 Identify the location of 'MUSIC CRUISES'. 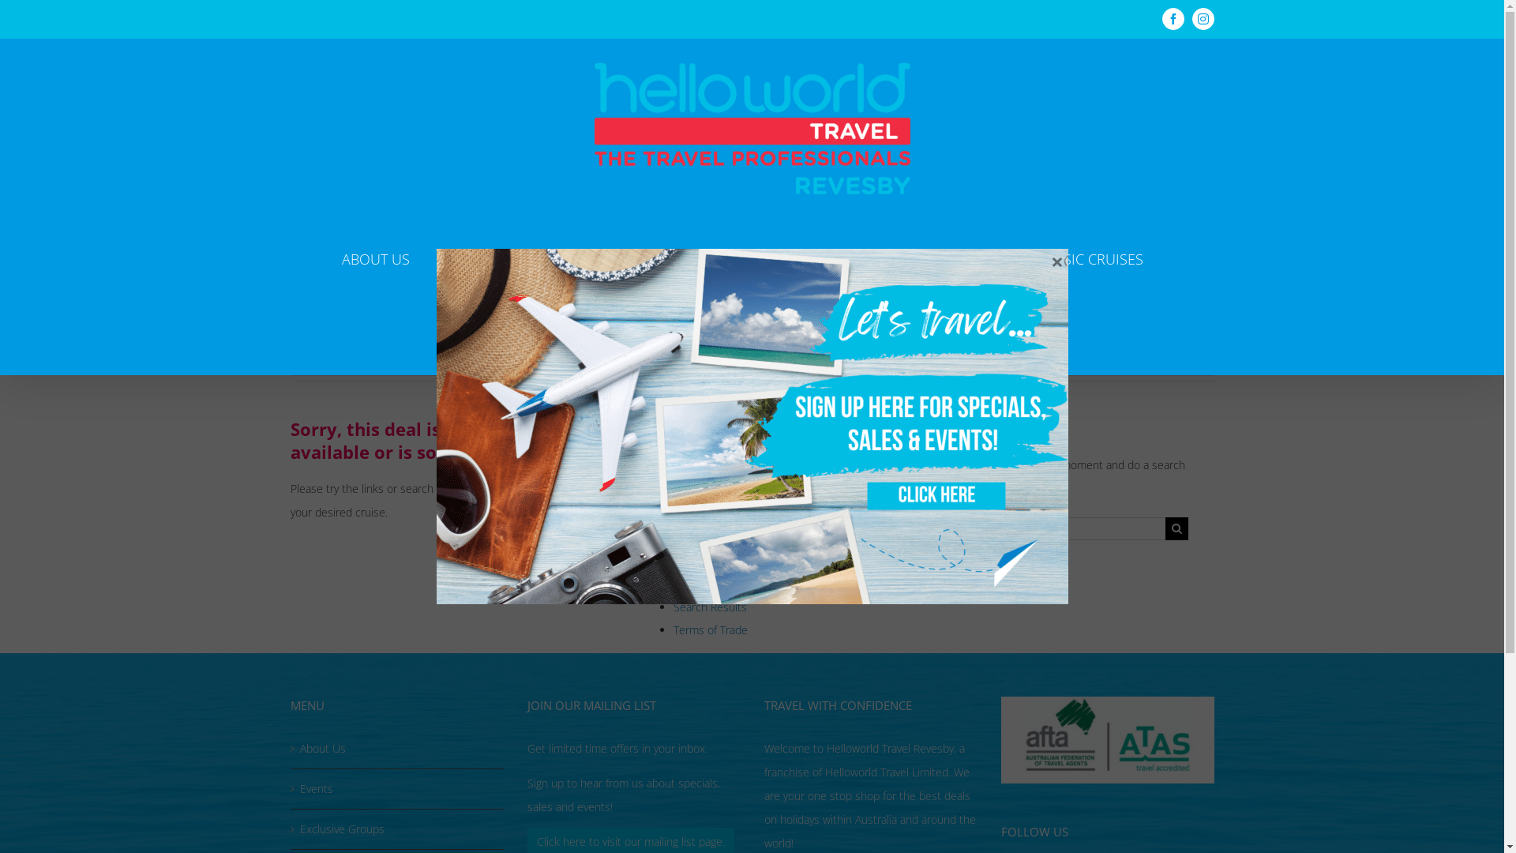
(1090, 257).